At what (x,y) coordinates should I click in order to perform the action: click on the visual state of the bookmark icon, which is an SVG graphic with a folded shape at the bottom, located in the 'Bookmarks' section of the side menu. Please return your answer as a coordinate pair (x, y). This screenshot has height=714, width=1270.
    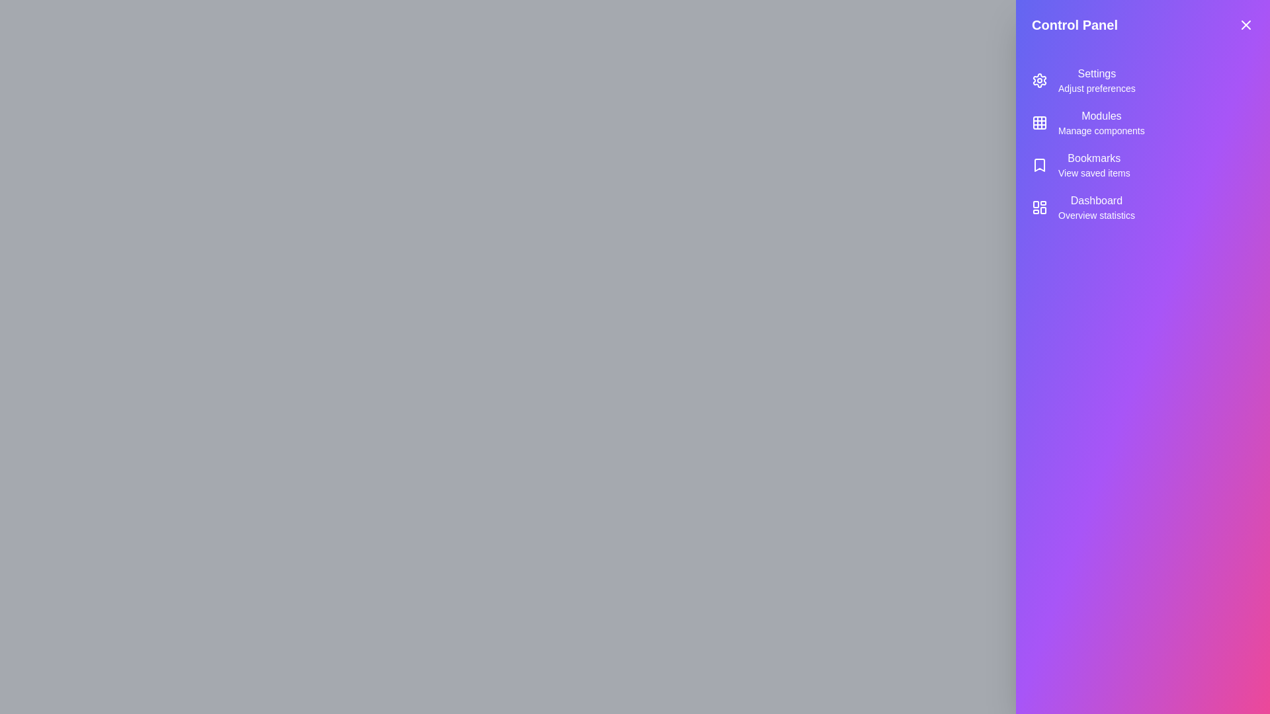
    Looking at the image, I should click on (1038, 165).